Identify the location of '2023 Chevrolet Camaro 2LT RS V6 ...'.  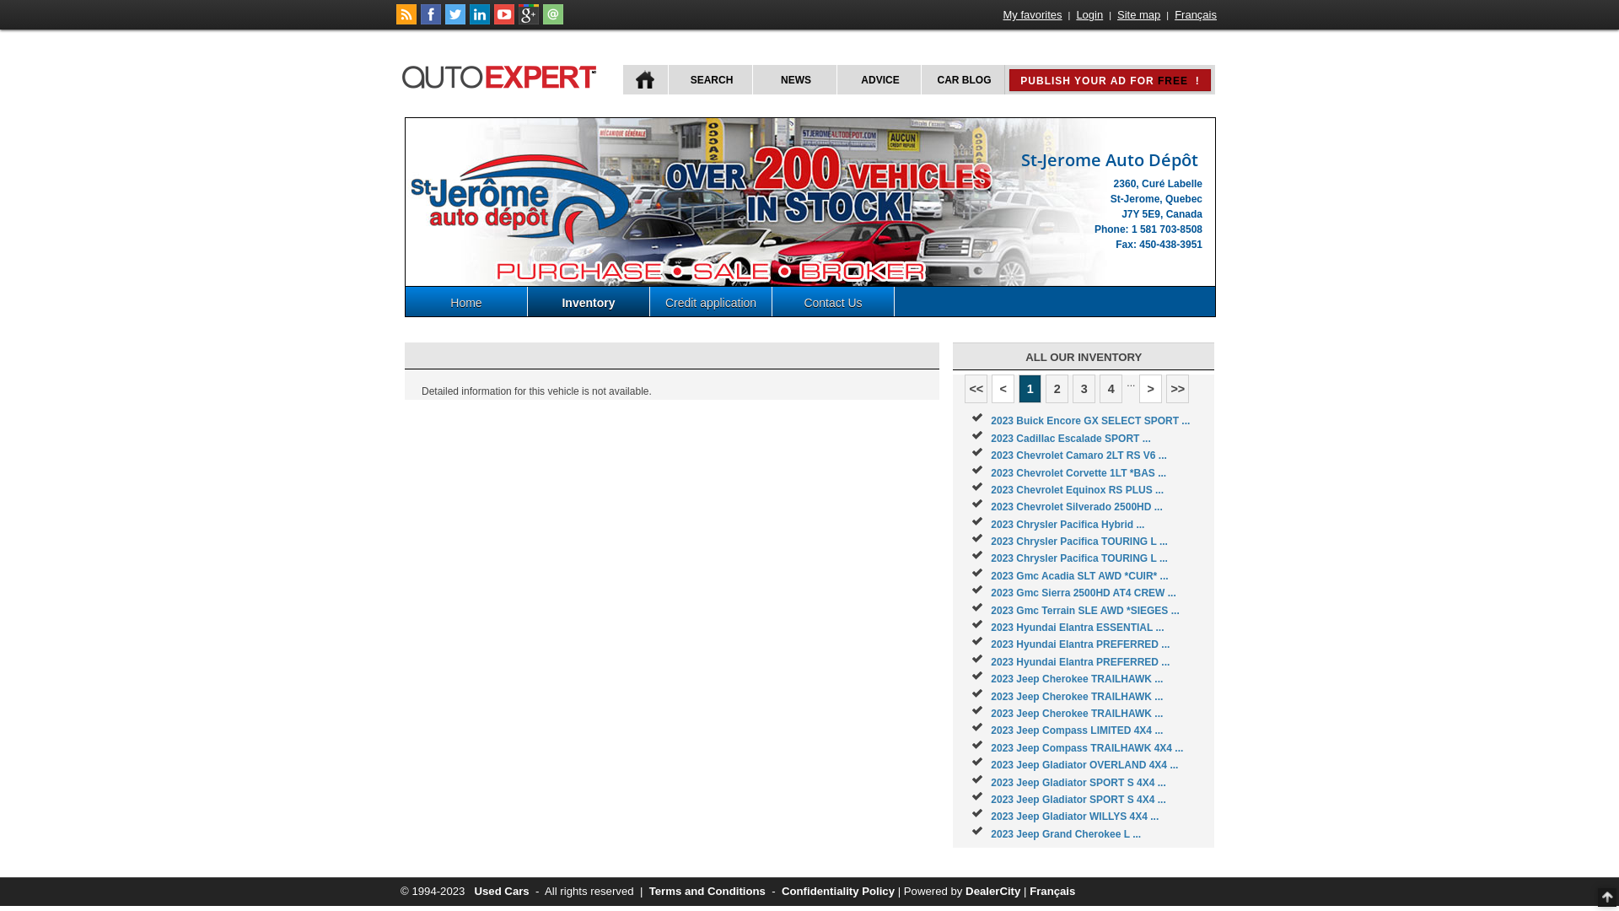
(1078, 455).